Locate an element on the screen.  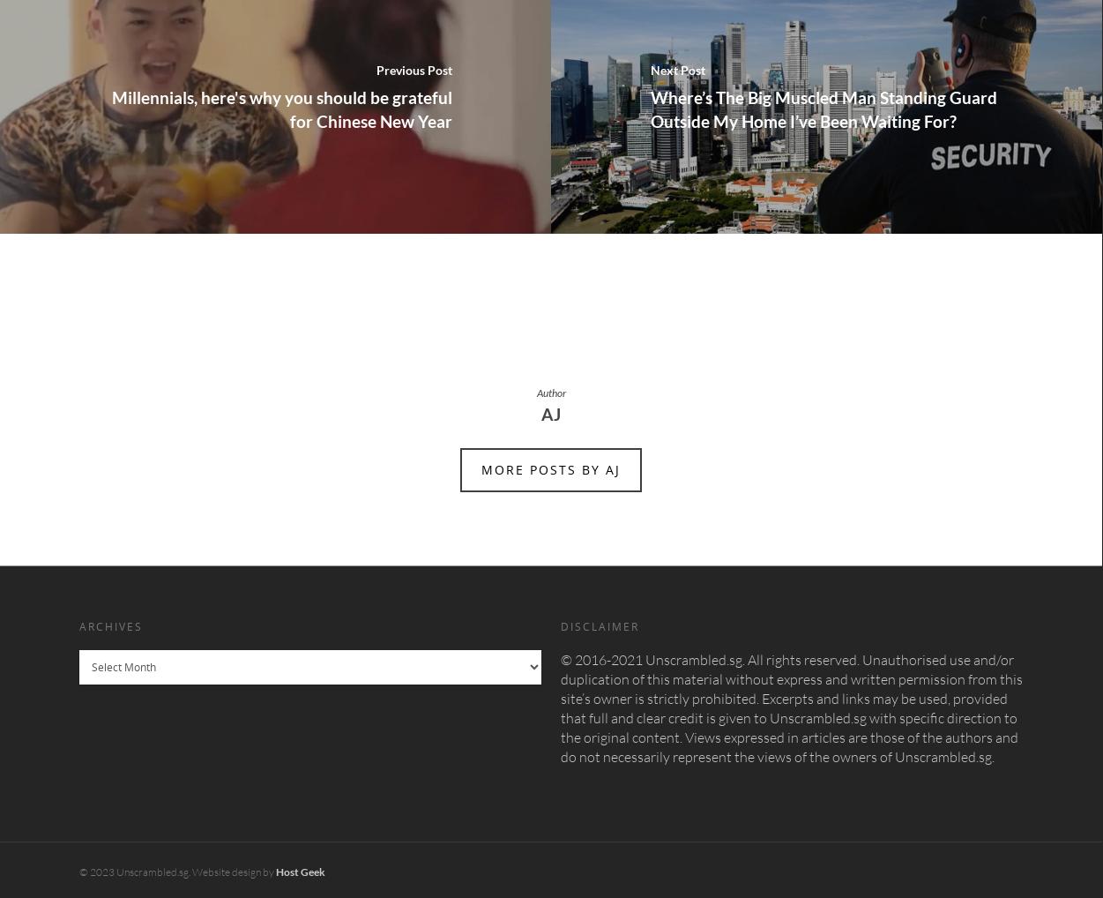
'Author' is located at coordinates (550, 391).